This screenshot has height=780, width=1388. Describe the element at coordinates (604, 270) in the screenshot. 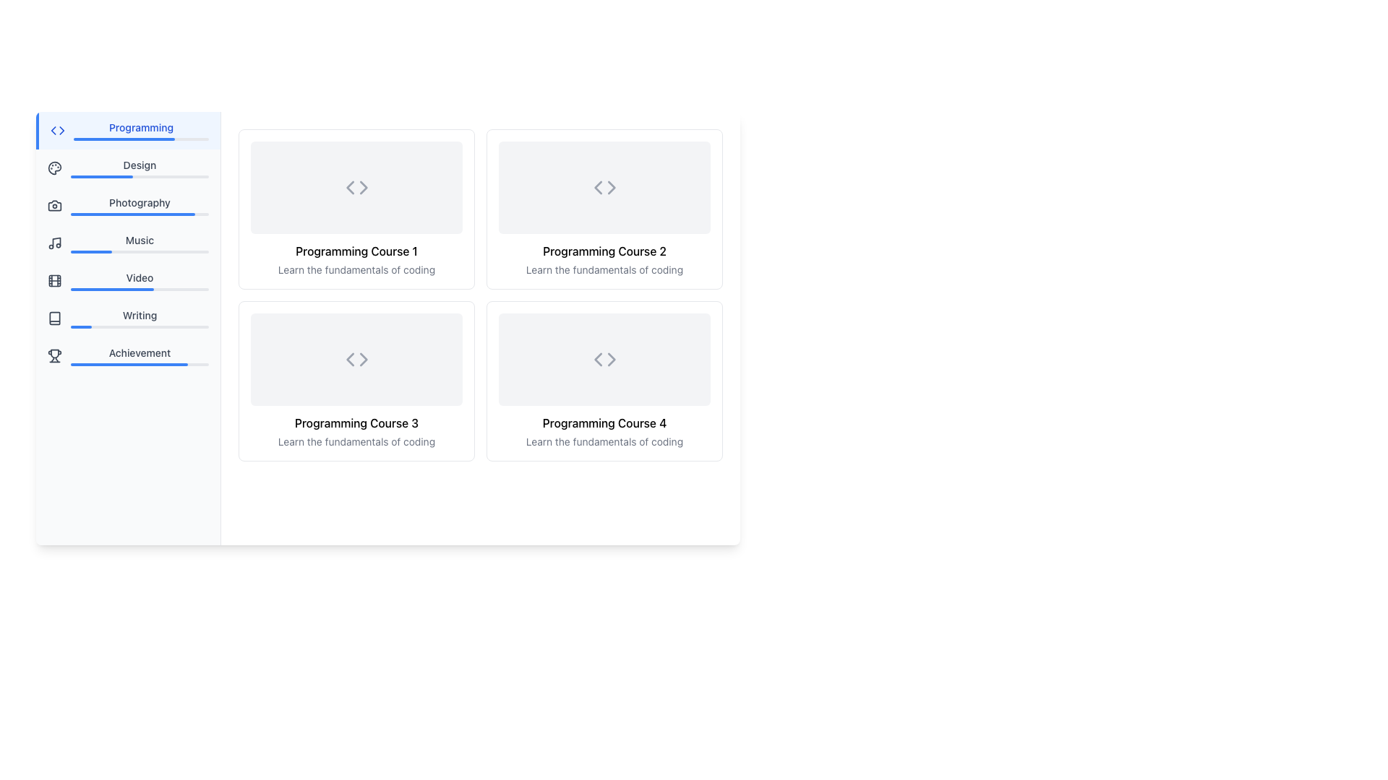

I see `the text label that reads 'Learn the fundamentals of coding.' which is styled in a smaller-sized, gray font and located directly beneath the larger title 'Programming Course 2.'` at that location.